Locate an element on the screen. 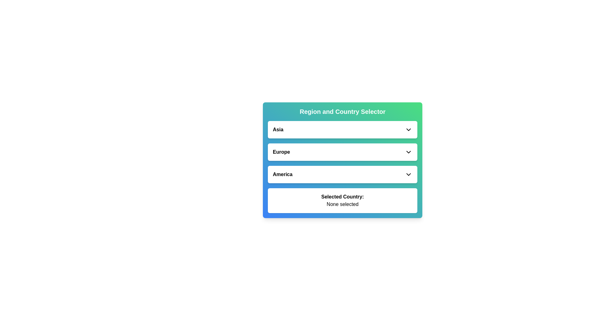  the 'Europe' dropdown menu item is located at coordinates (342, 152).